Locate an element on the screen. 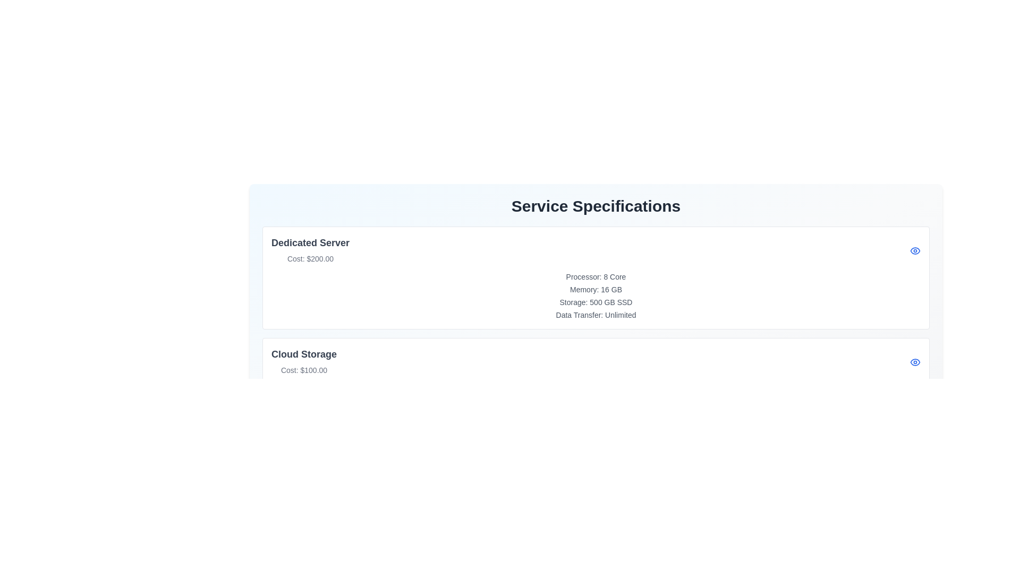 The height and width of the screenshot is (573, 1020). the static text label displaying the cost of the service, which is $200.00, located directly below the 'Dedicated Server' label within the white card is located at coordinates (310, 259).